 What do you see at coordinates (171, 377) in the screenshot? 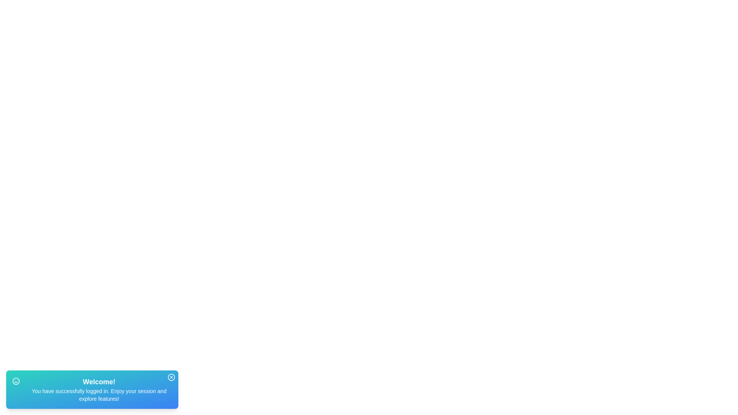
I see `the close button of the snackbar to dismiss it` at bounding box center [171, 377].